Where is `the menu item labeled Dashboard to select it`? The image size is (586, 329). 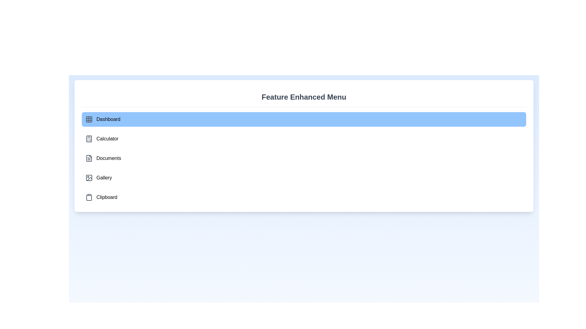 the menu item labeled Dashboard to select it is located at coordinates (304, 119).